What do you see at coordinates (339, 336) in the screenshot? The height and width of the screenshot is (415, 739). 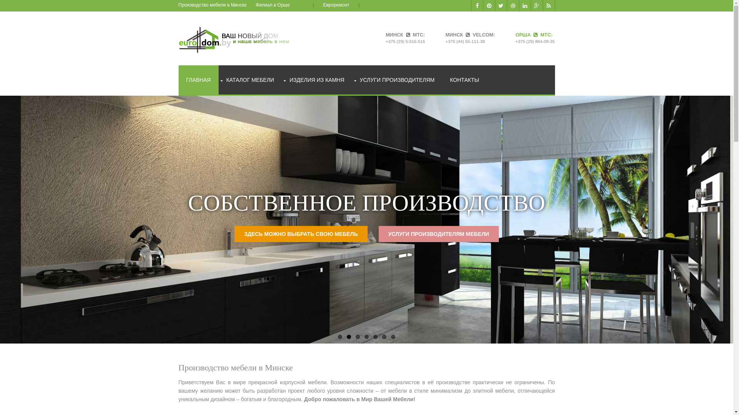 I see `'1'` at bounding box center [339, 336].